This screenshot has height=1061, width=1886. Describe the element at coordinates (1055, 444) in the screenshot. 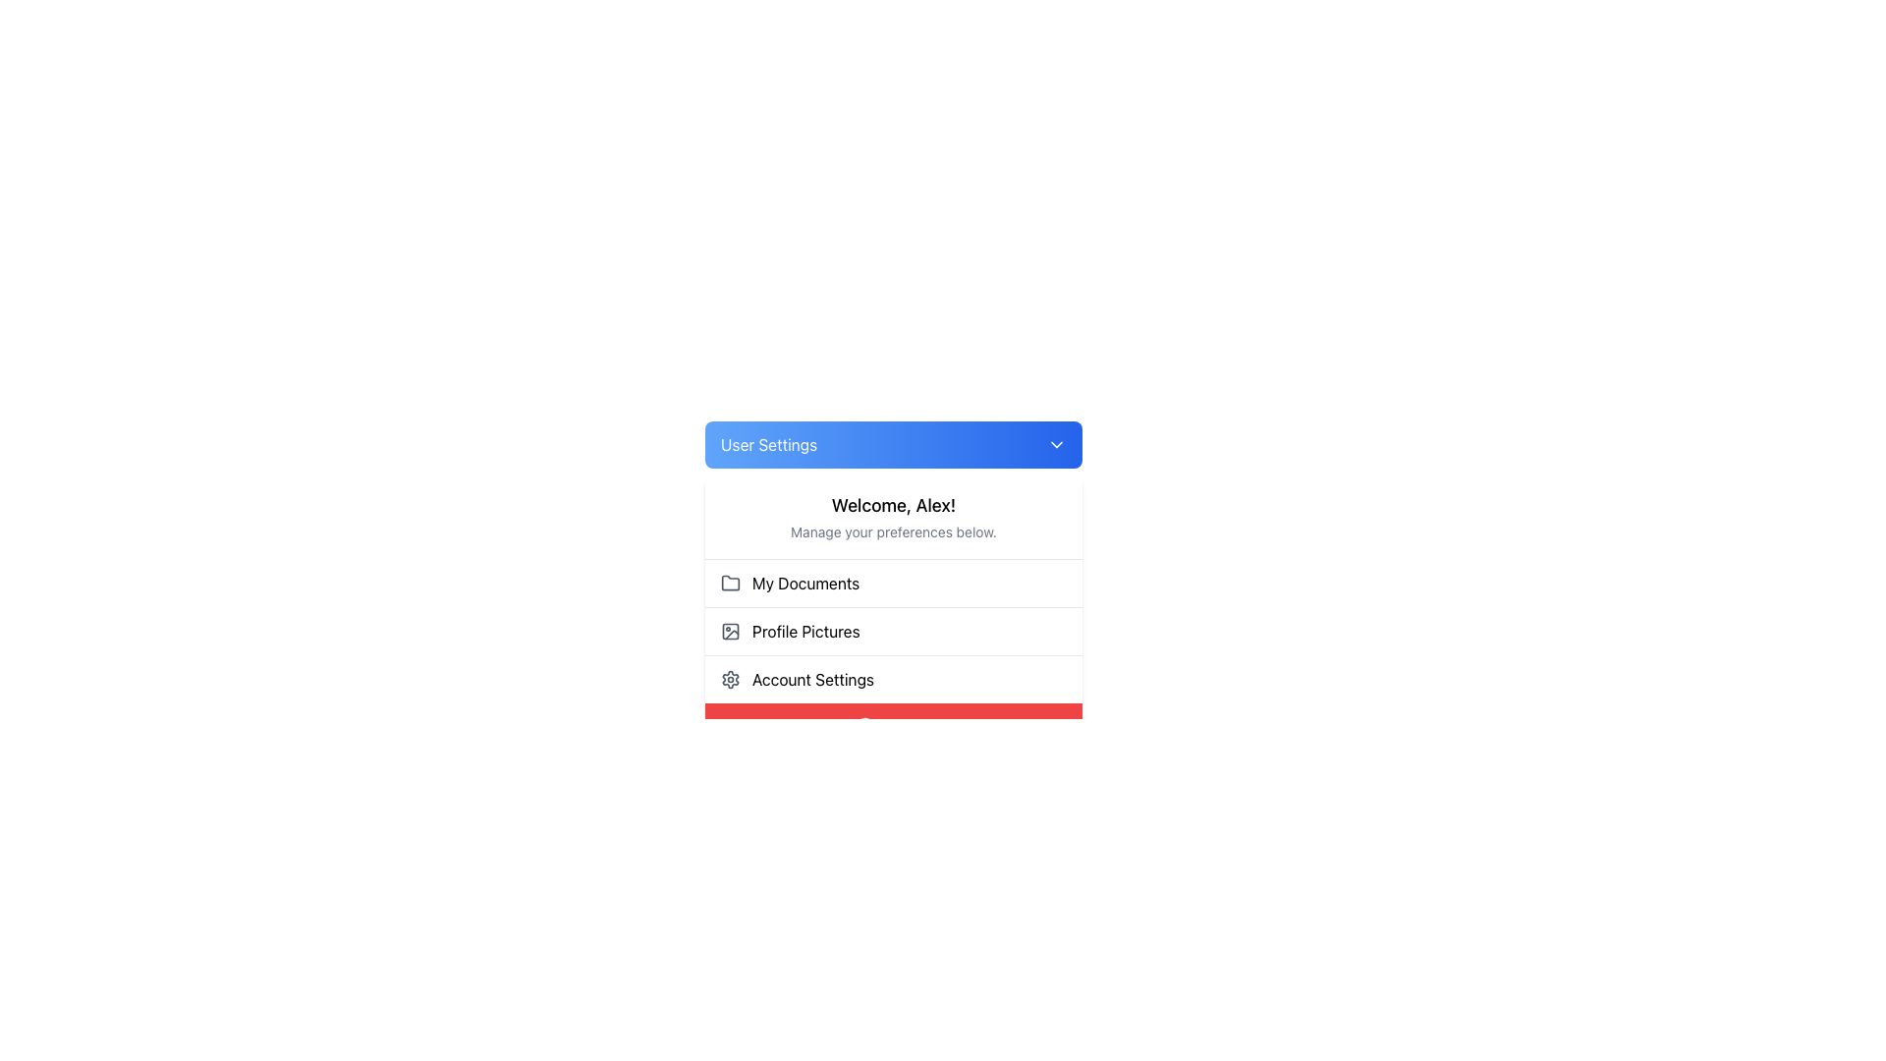

I see `the Dropdown Indicator Icon located at the top-right corner of the 'User Settings' bar, which indicates further options or a collapsible section` at that location.